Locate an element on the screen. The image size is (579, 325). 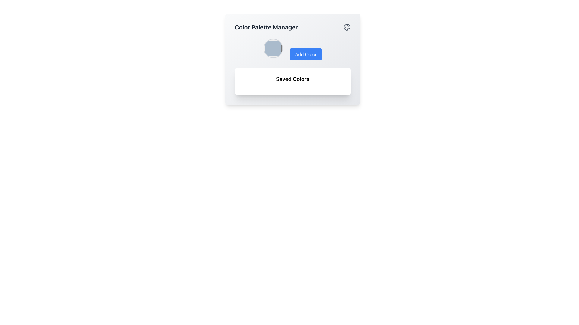
the graphical icon that resembles a paint palette with multiple embedded circles, located at the upper-right corner of the graphical panel, adjacent to the 'Color Palette Manager' heading is located at coordinates (347, 27).